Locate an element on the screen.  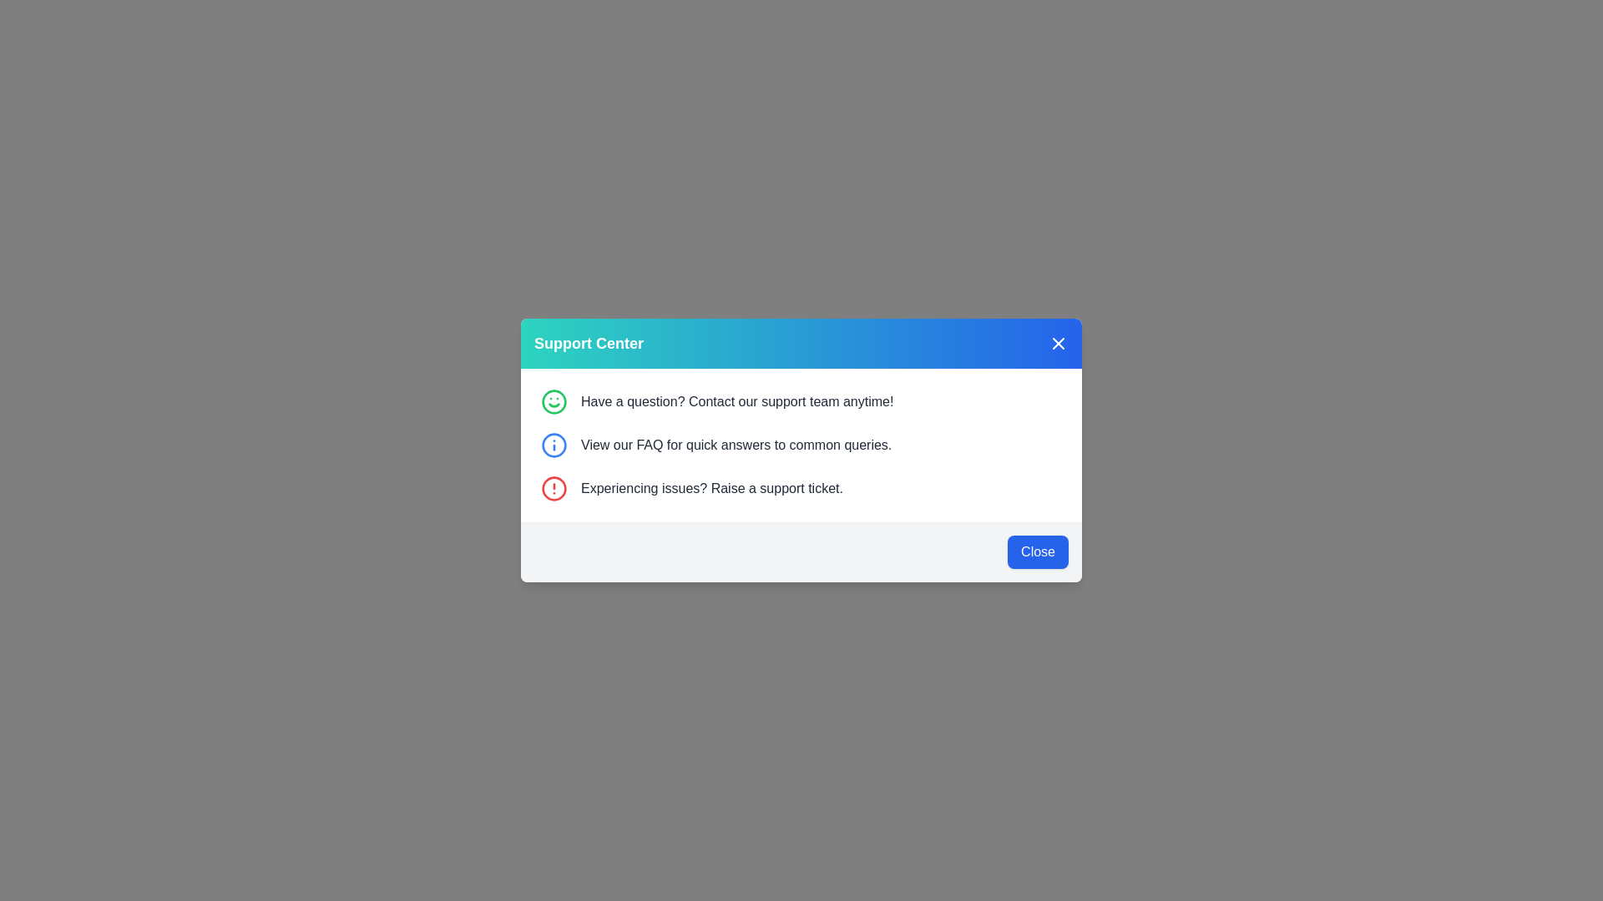
the error or alert icon positioned as the third item in the support center modal, located to the far left is located at coordinates (554, 488).